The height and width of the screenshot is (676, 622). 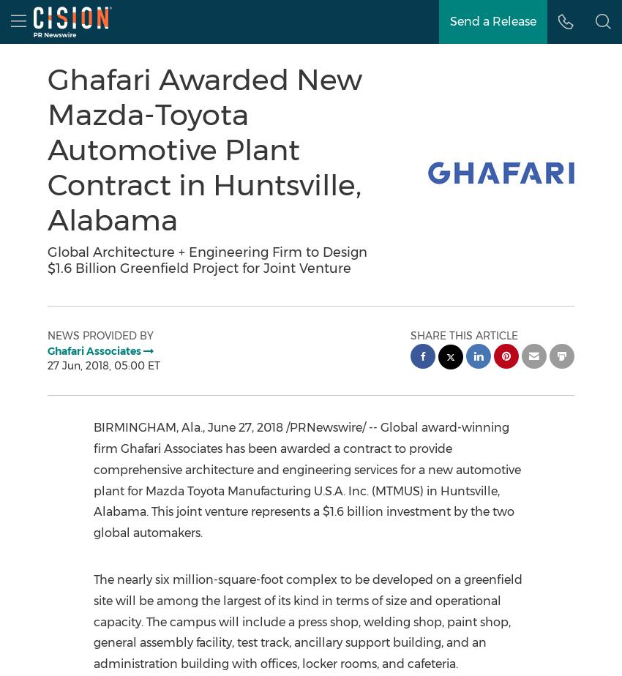 I want to click on 'Global Architecture + Engineering Firm to Design $1.6 Billion Greenfield Project for Joint Venture', so click(x=48, y=260).